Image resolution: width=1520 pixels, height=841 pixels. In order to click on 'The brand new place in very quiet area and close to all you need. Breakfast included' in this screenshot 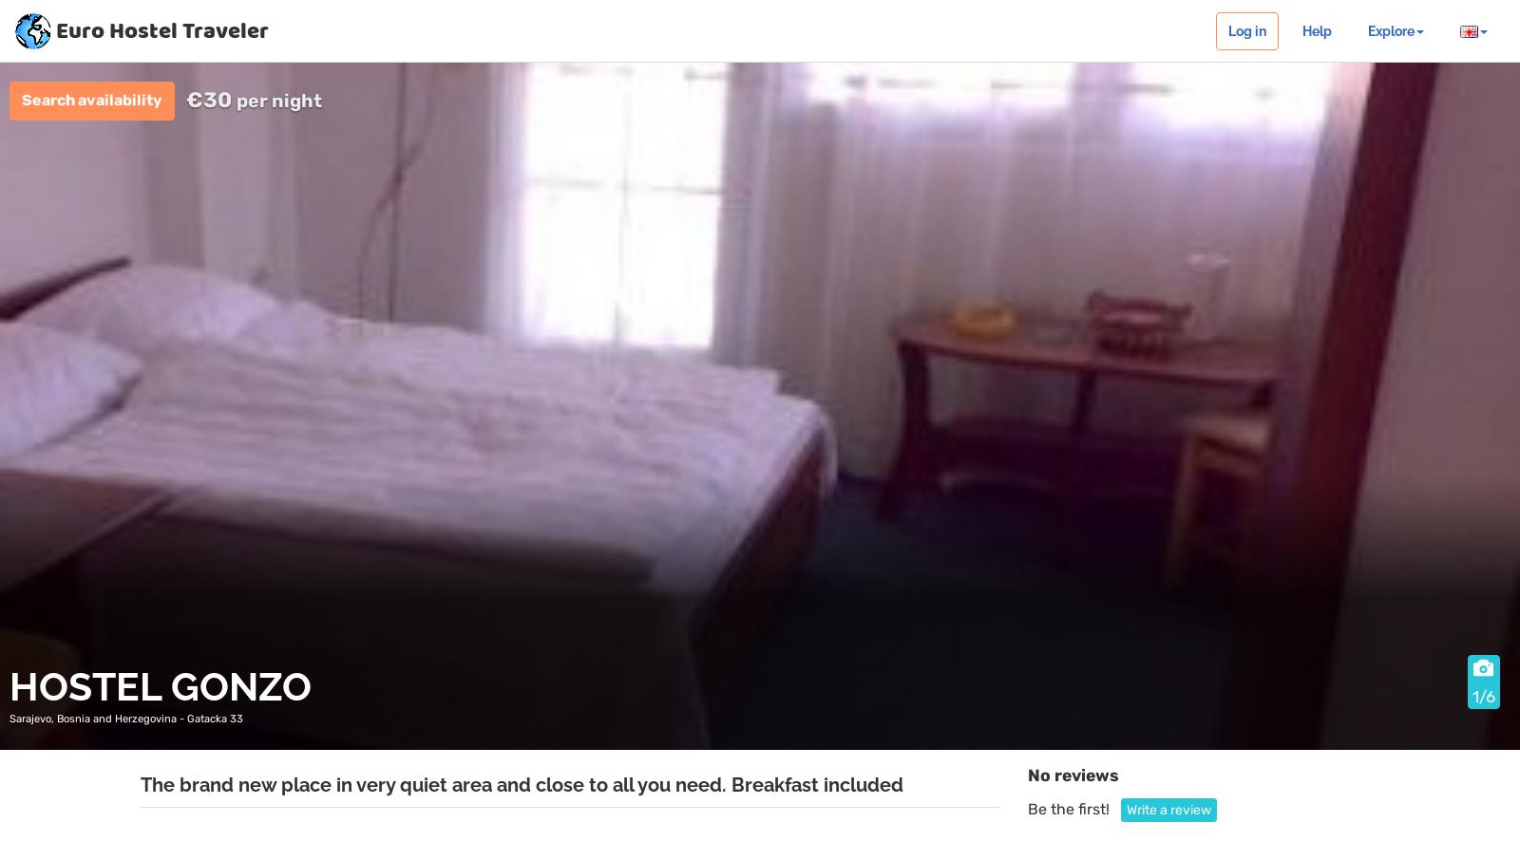, I will do `click(140, 784)`.